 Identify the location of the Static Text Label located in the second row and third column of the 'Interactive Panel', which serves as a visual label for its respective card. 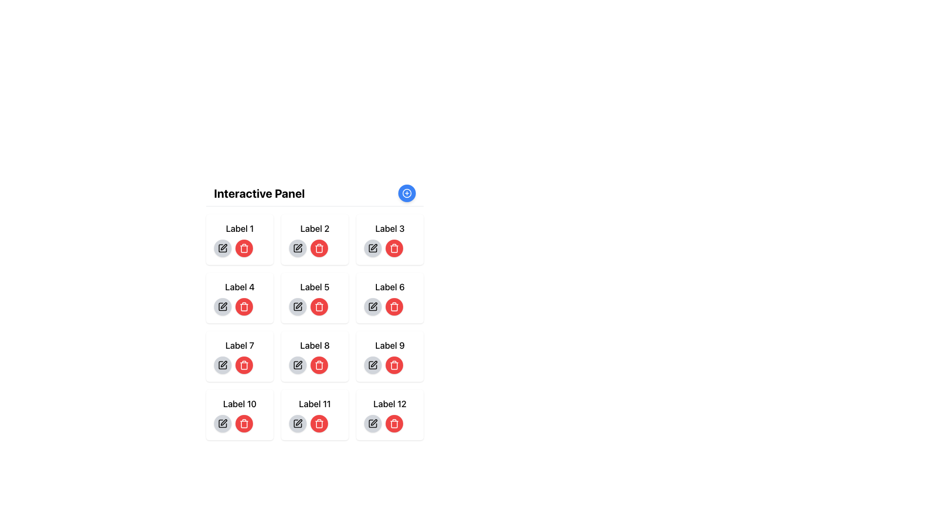
(390, 229).